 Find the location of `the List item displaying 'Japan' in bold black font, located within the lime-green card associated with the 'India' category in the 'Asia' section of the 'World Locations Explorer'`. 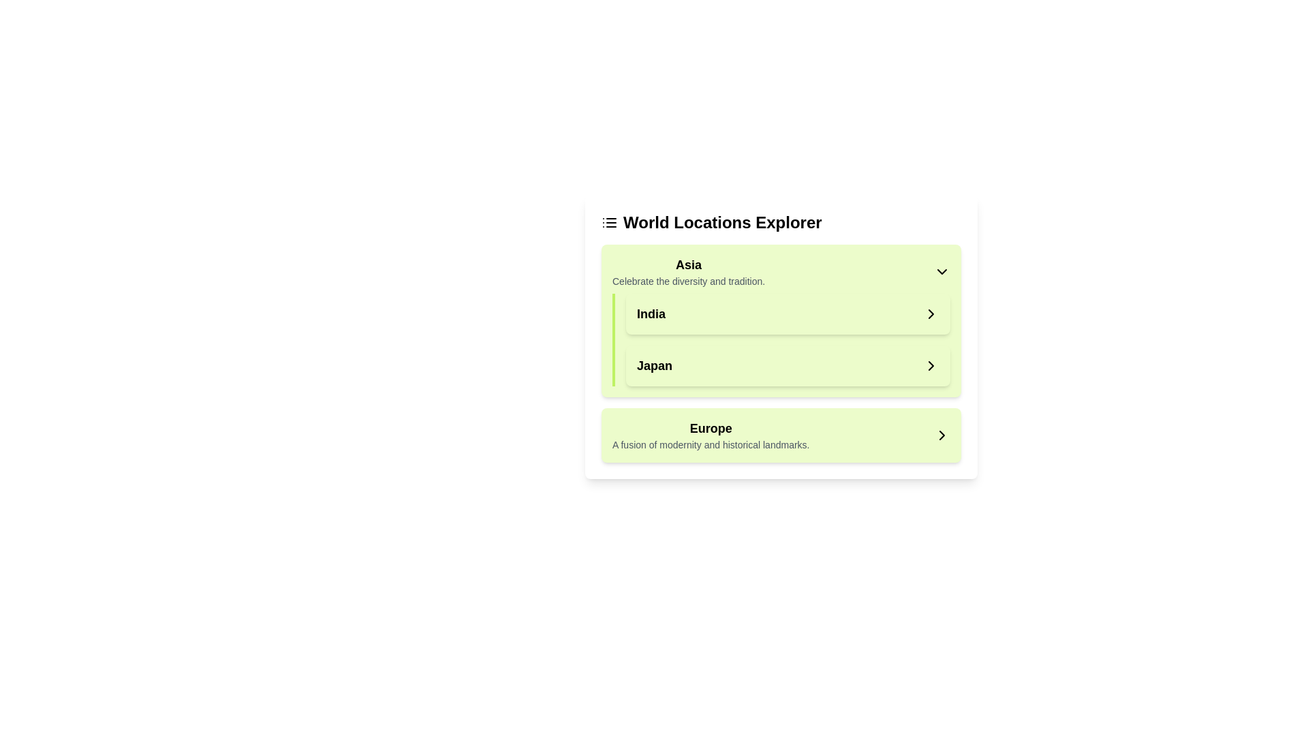

the List item displaying 'Japan' in bold black font, located within the lime-green card associated with the 'India' category in the 'Asia' section of the 'World Locations Explorer' is located at coordinates (788, 365).